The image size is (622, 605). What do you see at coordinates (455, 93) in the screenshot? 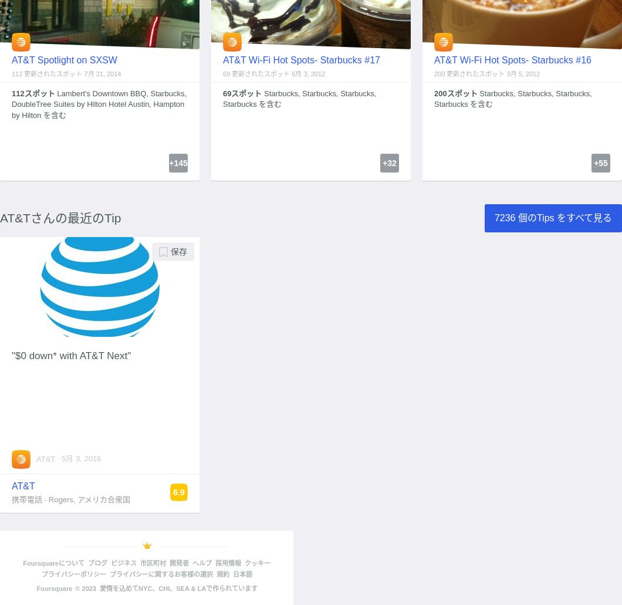
I see `'200スポット'` at bounding box center [455, 93].